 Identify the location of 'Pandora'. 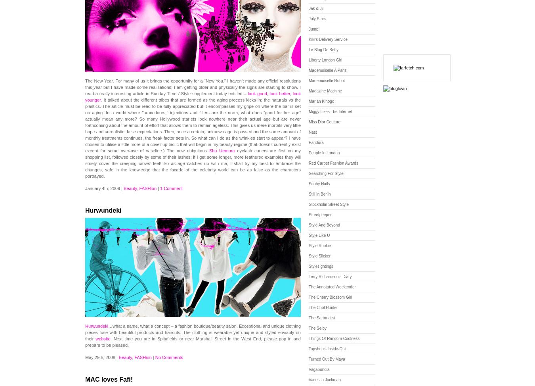
(308, 142).